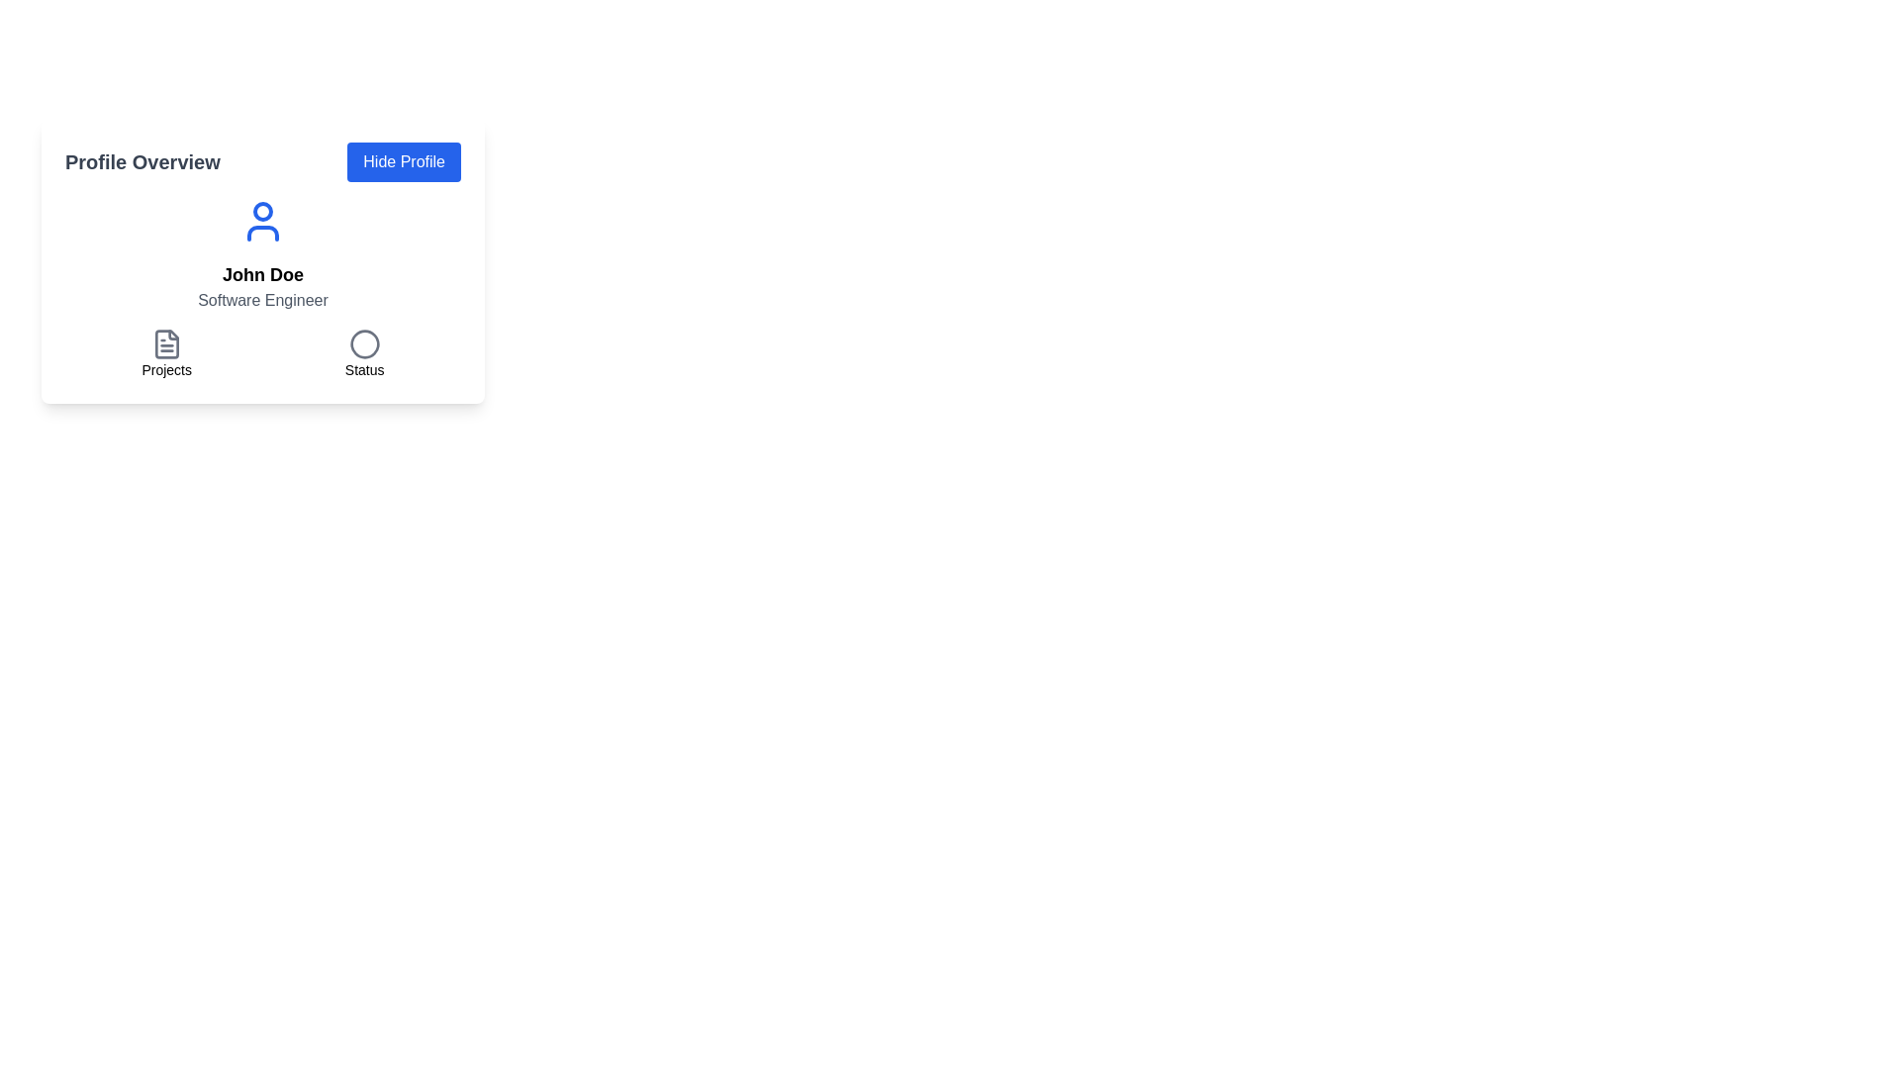 Image resolution: width=1900 pixels, height=1069 pixels. Describe the element at coordinates (261, 221) in the screenshot. I see `the User Profile icon, which is a blue circular outline of a user, located at the center of the top section of a card displaying 'John Doe' and 'Software Engineer.'` at that location.